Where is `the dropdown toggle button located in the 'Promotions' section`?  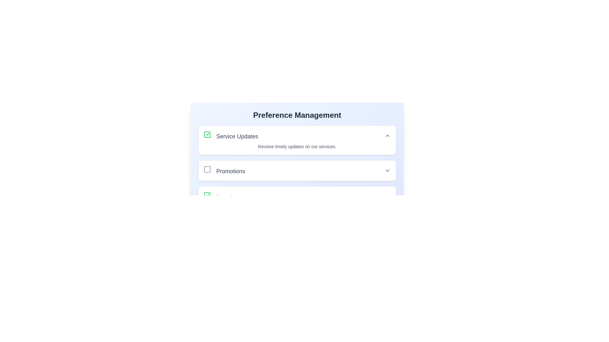 the dropdown toggle button located in the 'Promotions' section is located at coordinates (387, 170).